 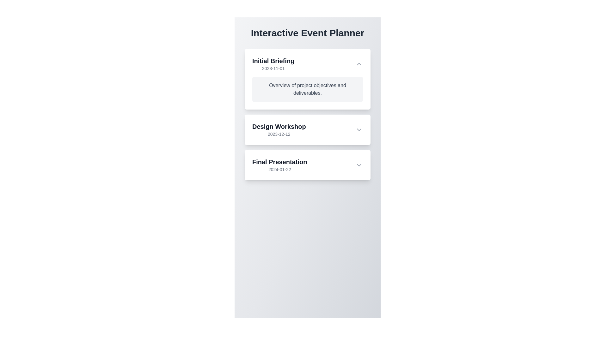 What do you see at coordinates (279, 134) in the screenshot?
I see `date text element located under the 'Design Workshop' title in the second card of the vertically-stacked list` at bounding box center [279, 134].